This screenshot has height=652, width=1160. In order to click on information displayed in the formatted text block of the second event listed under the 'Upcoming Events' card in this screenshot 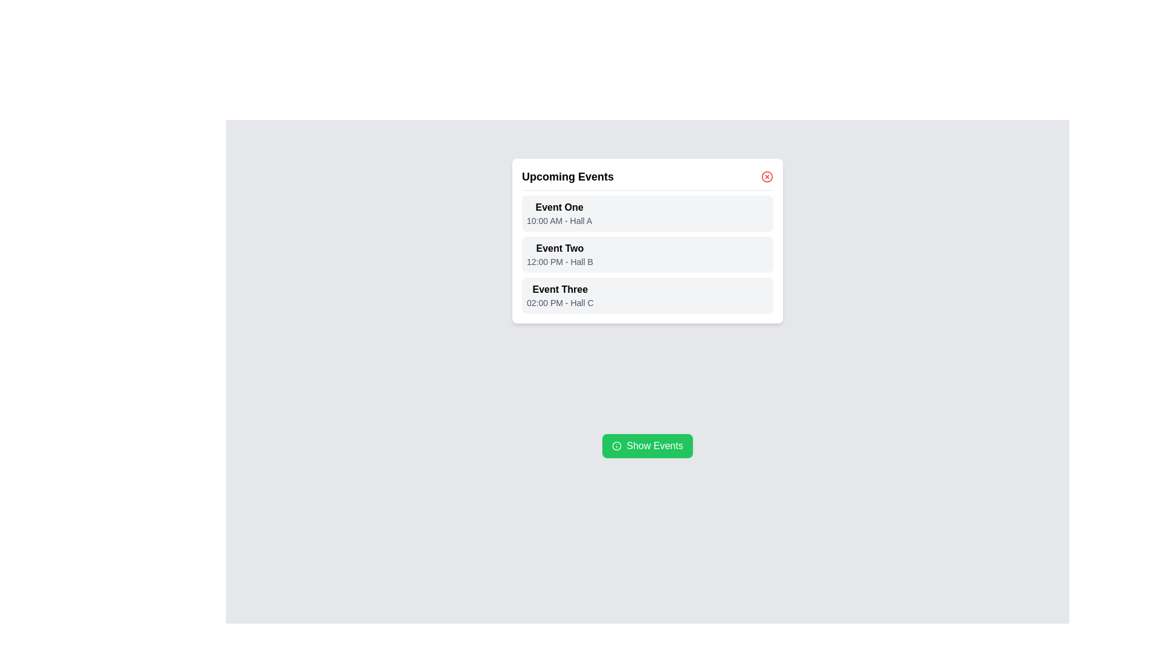, I will do `click(559, 254)`.